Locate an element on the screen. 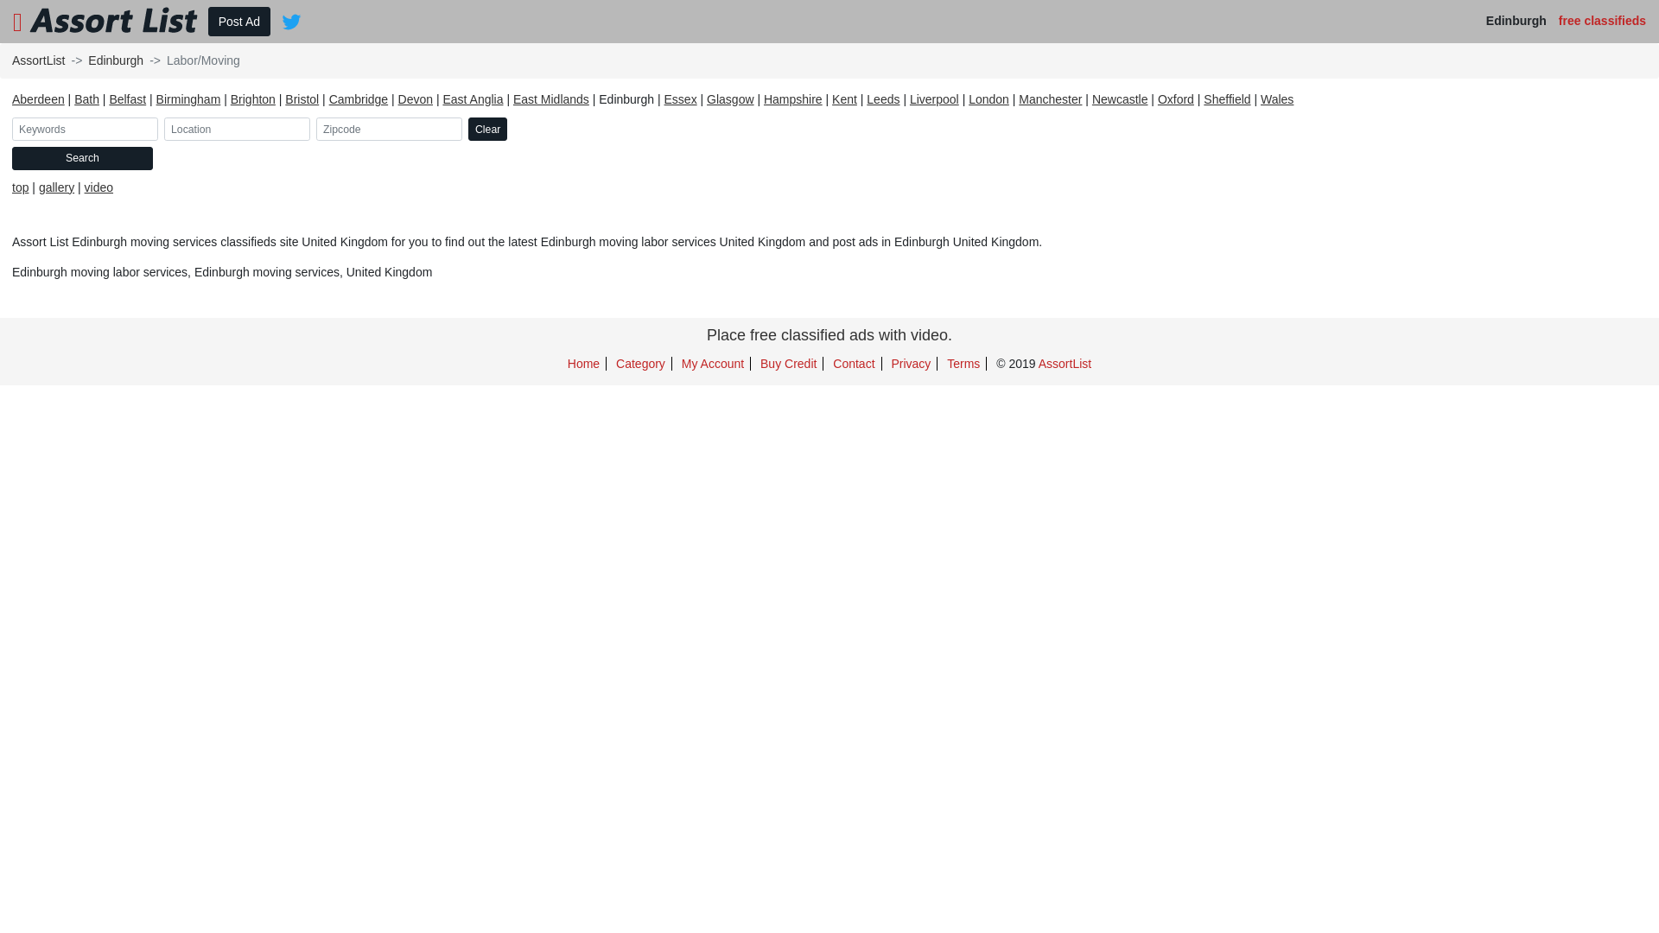  'Post Ad' is located at coordinates (238, 21).